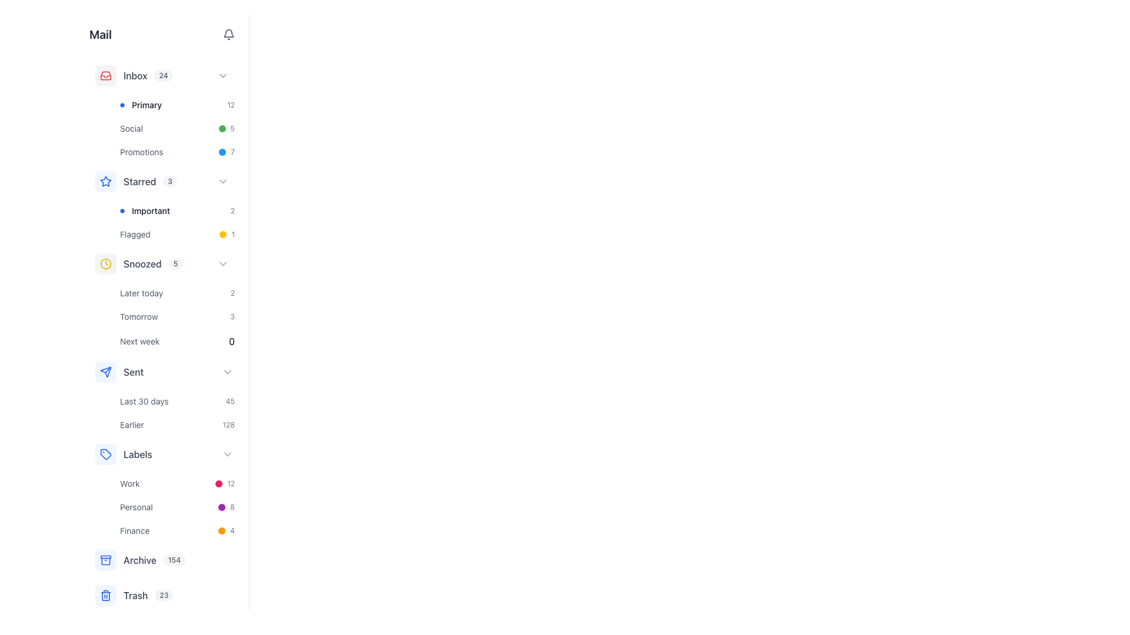 The width and height of the screenshot is (1130, 635). What do you see at coordinates (141, 104) in the screenshot?
I see `the 'Primary' list item in the email categories sidebar` at bounding box center [141, 104].